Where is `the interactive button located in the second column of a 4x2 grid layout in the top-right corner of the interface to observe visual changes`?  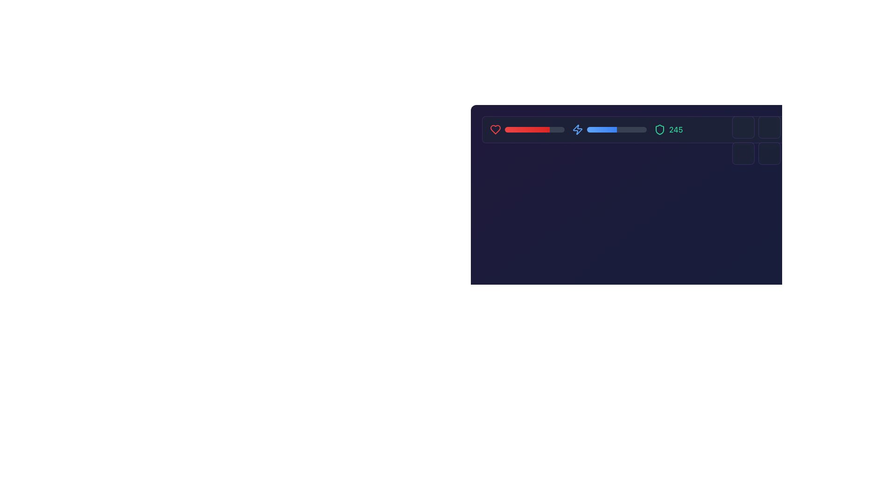 the interactive button located in the second column of a 4x2 grid layout in the top-right corner of the interface to observe visual changes is located at coordinates (770, 127).